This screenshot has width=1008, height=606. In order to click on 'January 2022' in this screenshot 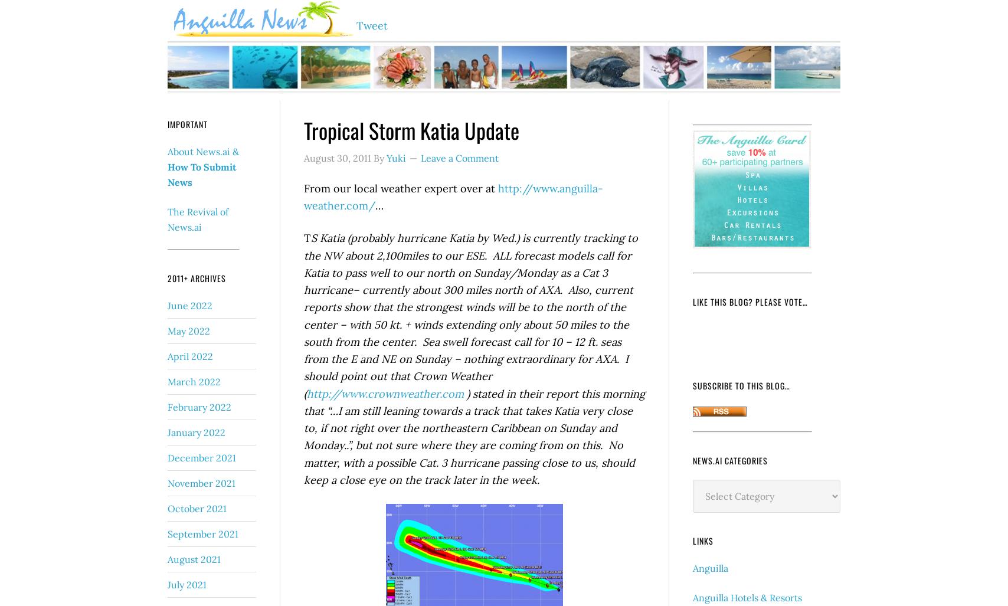, I will do `click(168, 432)`.